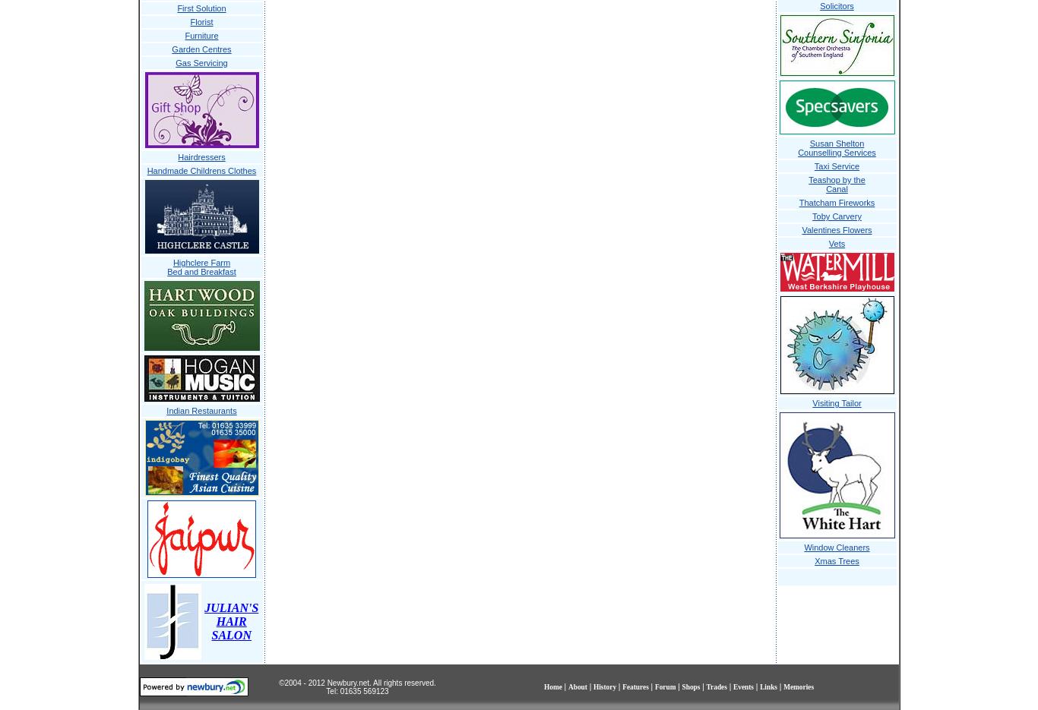 The height and width of the screenshot is (710, 1038). What do you see at coordinates (604, 686) in the screenshot?
I see `'History'` at bounding box center [604, 686].